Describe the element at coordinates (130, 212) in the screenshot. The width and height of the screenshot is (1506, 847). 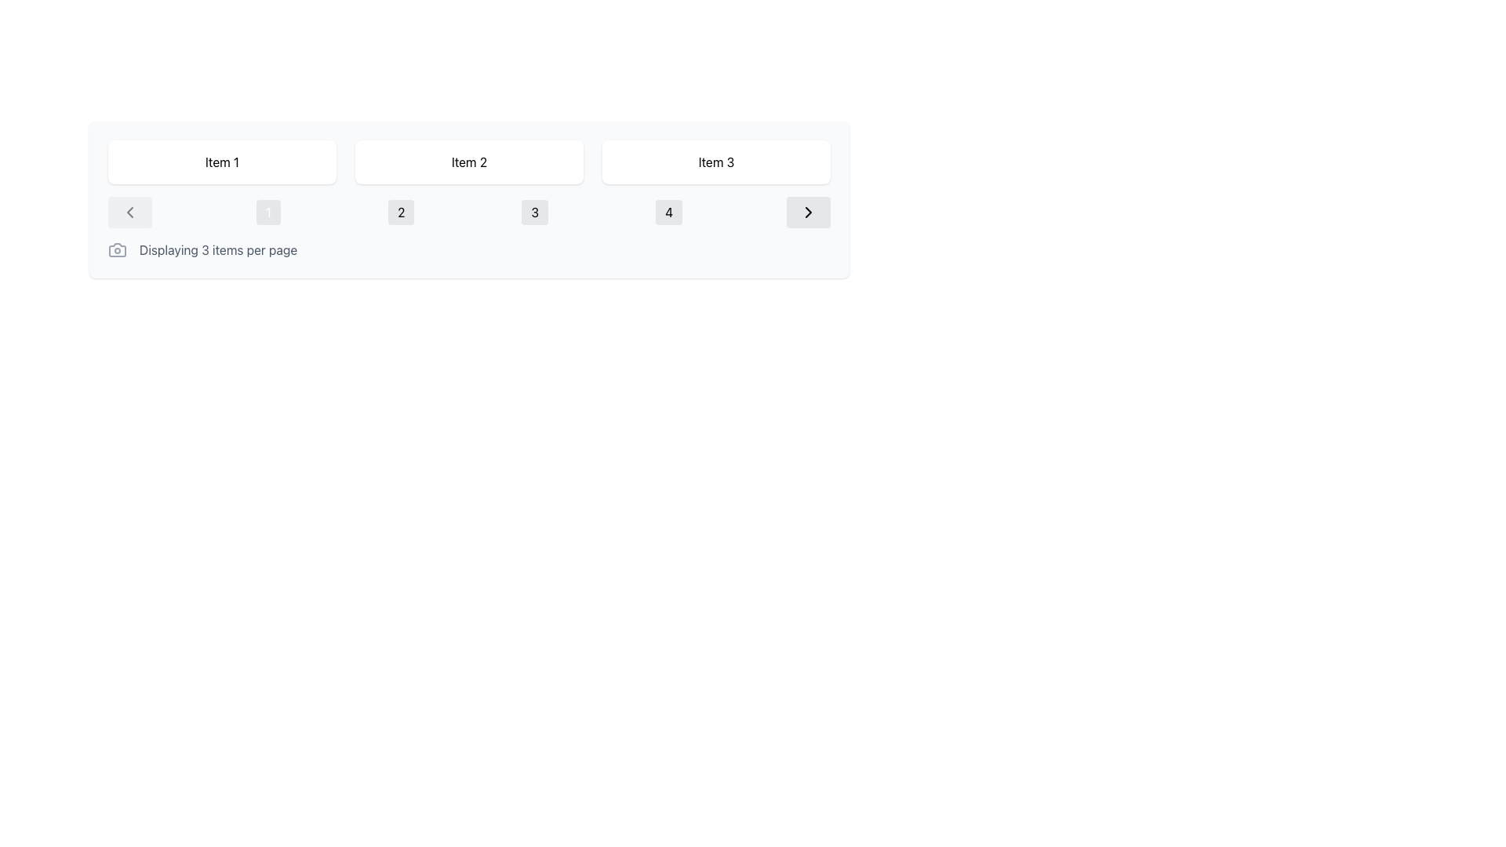
I see `the left-pointing chevron icon located within the pagination navigation bar, which is styled with a gray stroke and a light gray background` at that location.